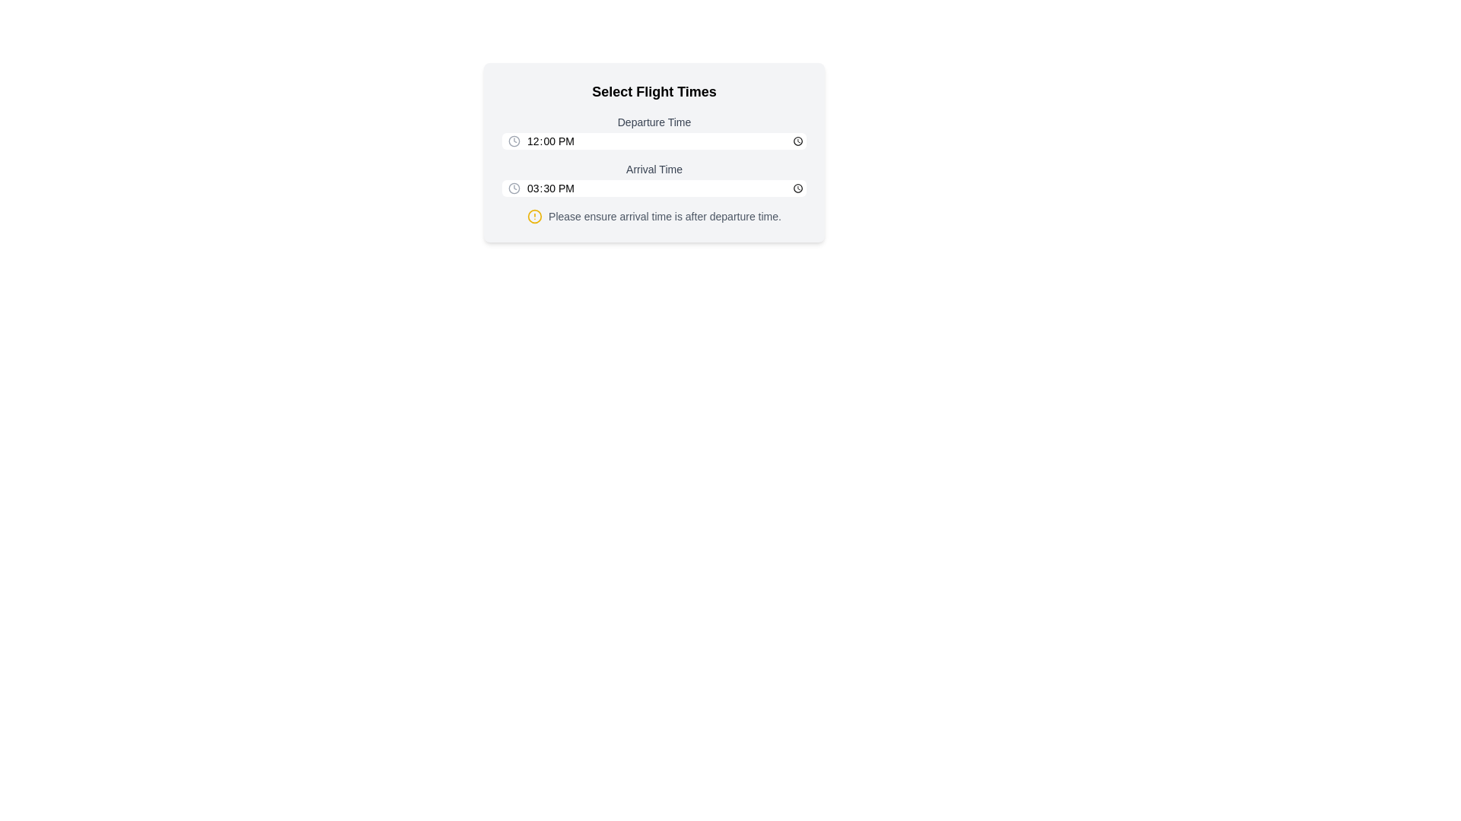 The width and height of the screenshot is (1461, 821). Describe the element at coordinates (514, 141) in the screenshot. I see `the SVG circle element representing a clock icon, which is located to the left of the 'Arrival Time' label within the modal` at that location.